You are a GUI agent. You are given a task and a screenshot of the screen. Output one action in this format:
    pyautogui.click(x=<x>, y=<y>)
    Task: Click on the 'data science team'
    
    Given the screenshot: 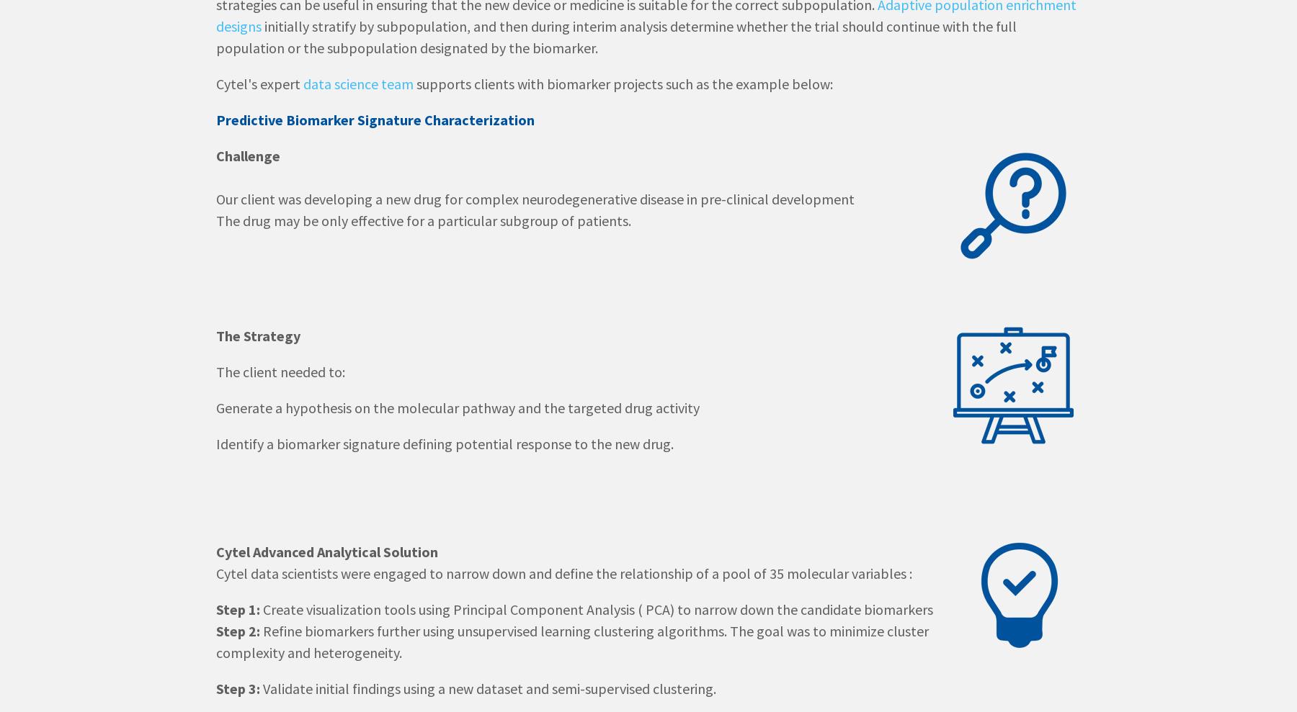 What is the action you would take?
    pyautogui.click(x=357, y=83)
    